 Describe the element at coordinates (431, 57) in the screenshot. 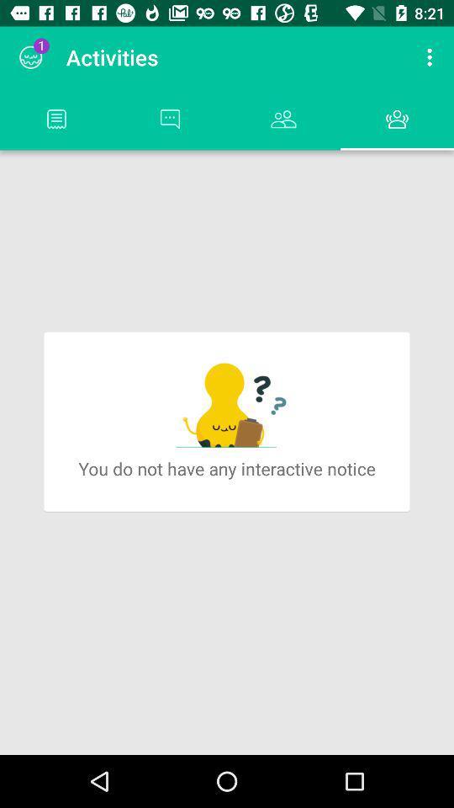

I see `app to the right of the activities item` at that location.